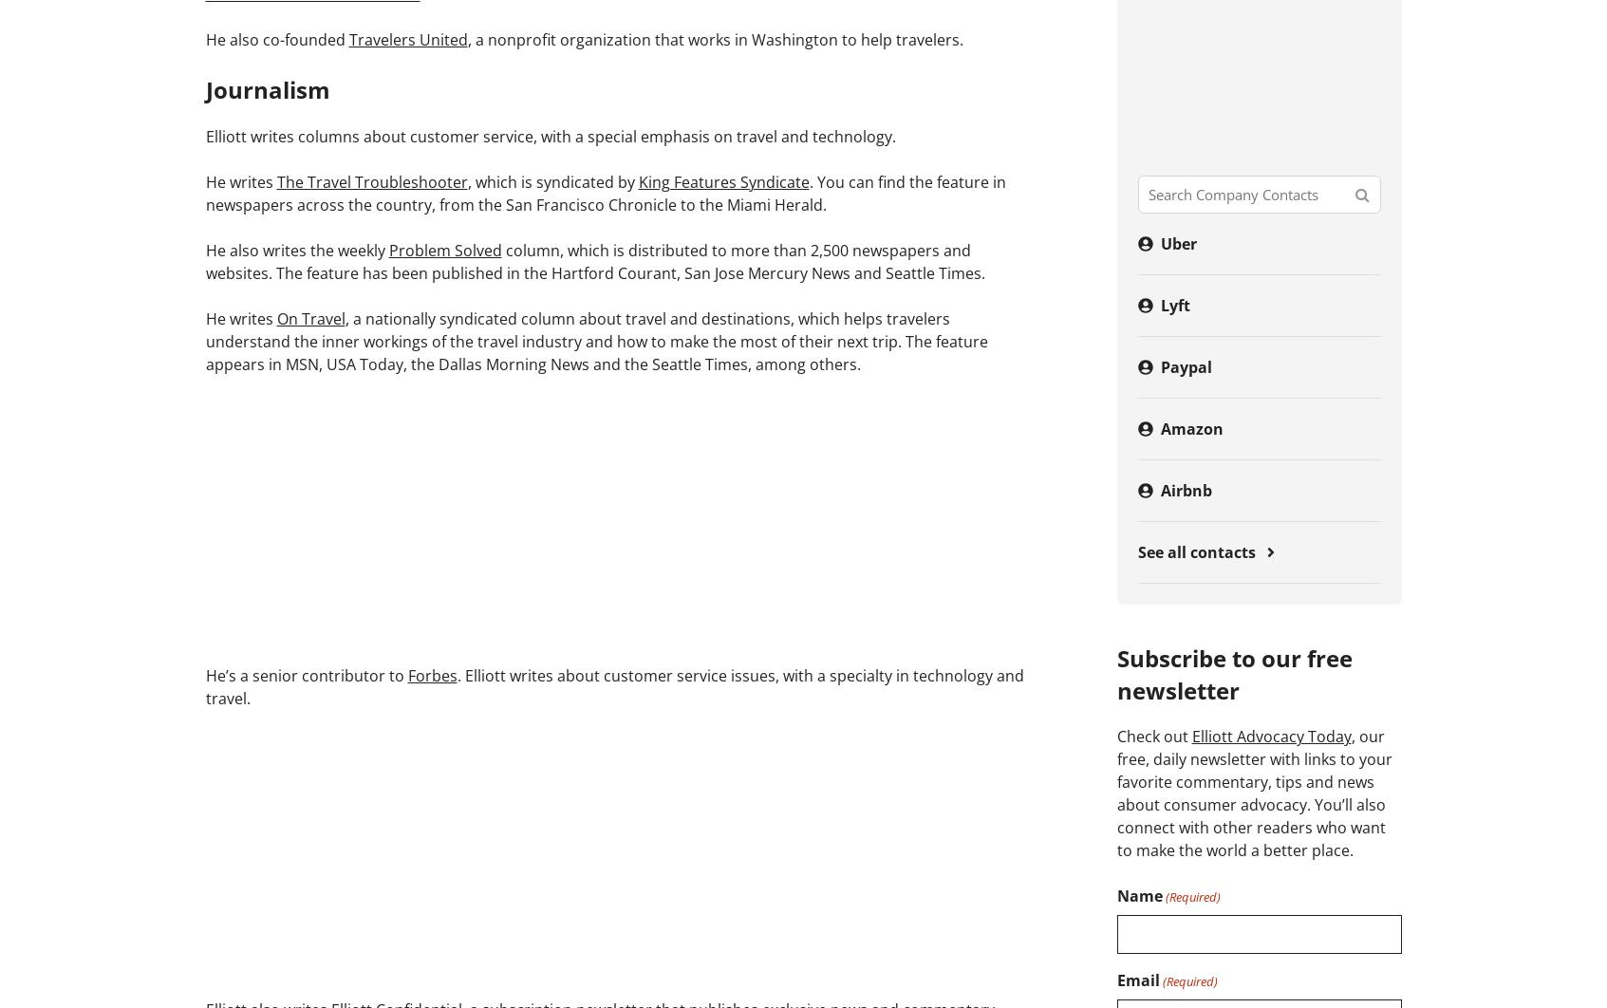  What do you see at coordinates (605, 192) in the screenshot?
I see `'. You can find the feature in newspapers across the country, from the San Francisco Chronicle to the Miami Herald.'` at bounding box center [605, 192].